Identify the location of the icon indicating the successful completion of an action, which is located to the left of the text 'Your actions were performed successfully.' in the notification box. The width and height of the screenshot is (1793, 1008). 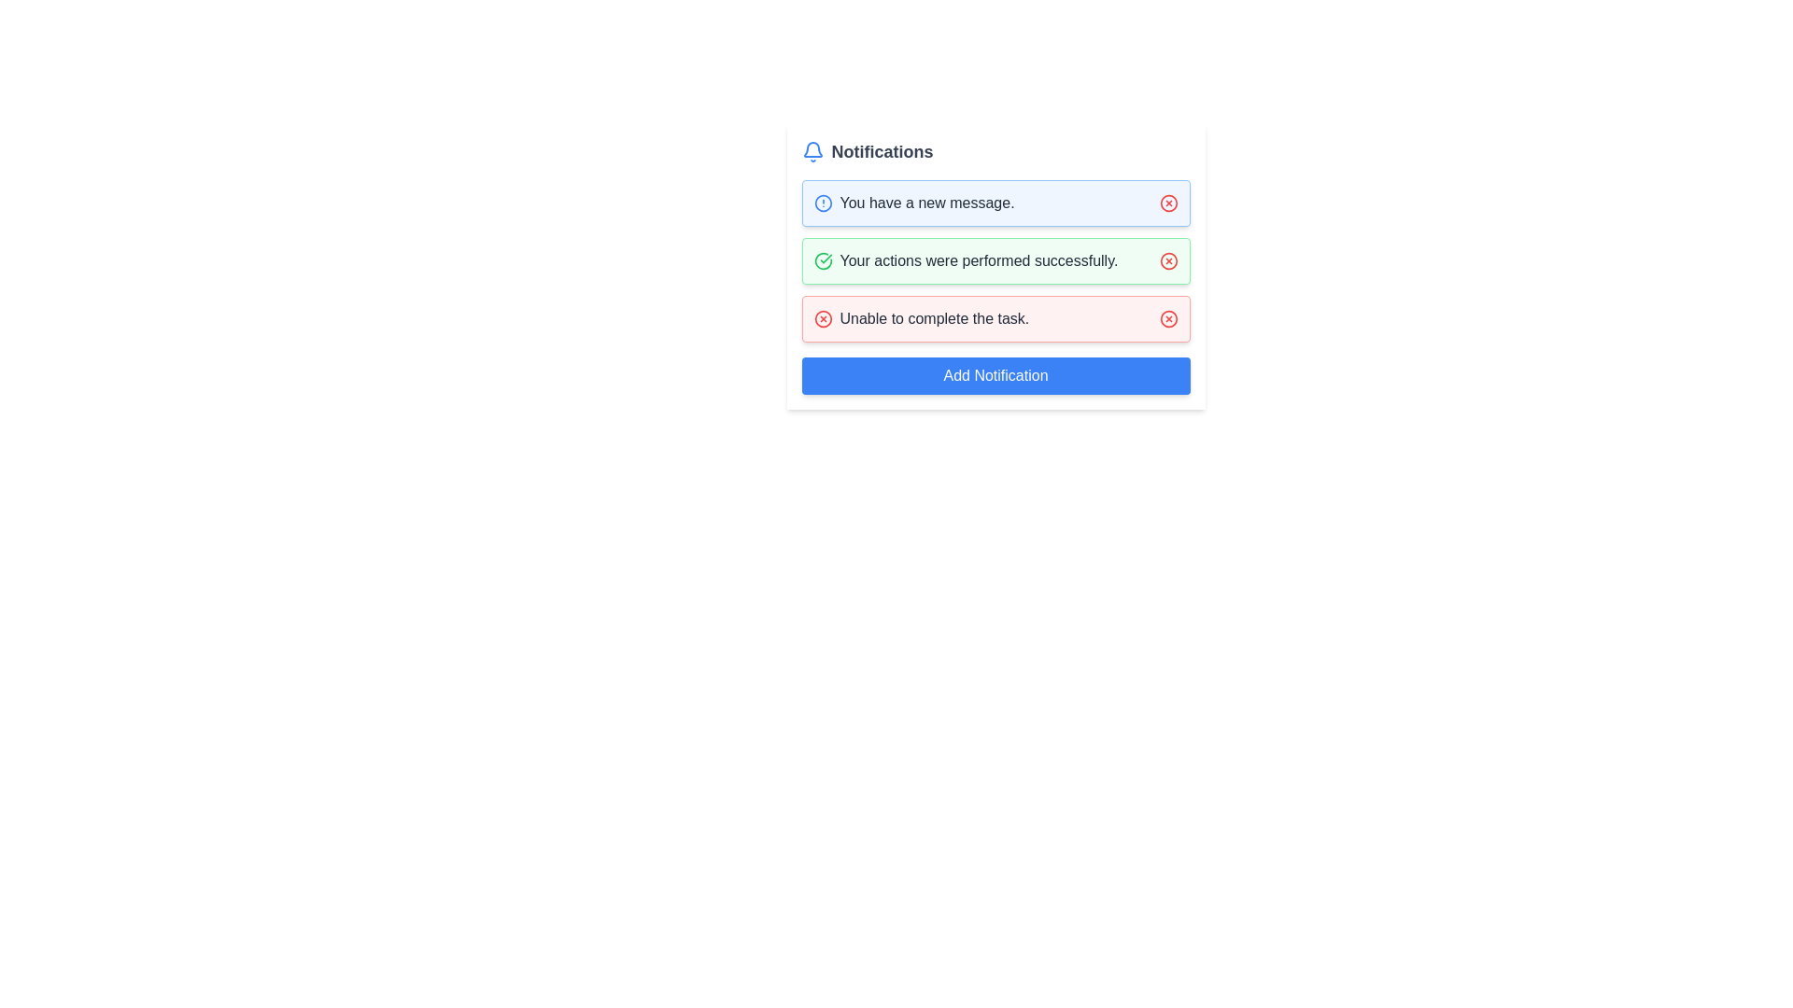
(822, 261).